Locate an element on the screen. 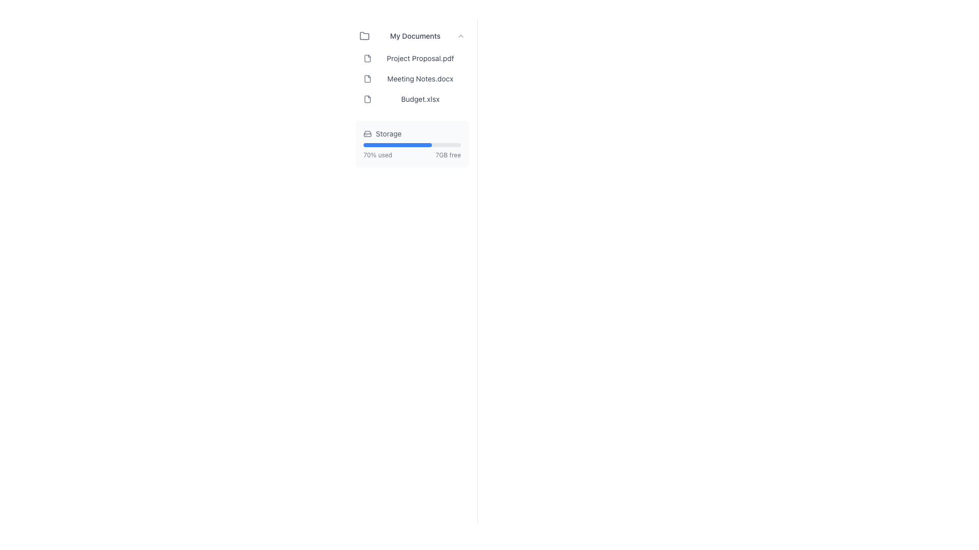  the static text label displaying '70% used', which is a small gray font notification located near the bottom of the 'Storage' section, to the left of '7GB free' is located at coordinates (377, 155).